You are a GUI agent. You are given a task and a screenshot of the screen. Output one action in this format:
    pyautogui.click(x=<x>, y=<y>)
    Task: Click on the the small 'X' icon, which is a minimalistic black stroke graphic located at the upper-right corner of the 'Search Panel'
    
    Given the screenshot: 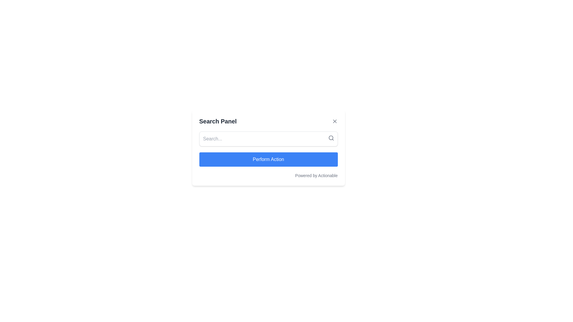 What is the action you would take?
    pyautogui.click(x=335, y=121)
    